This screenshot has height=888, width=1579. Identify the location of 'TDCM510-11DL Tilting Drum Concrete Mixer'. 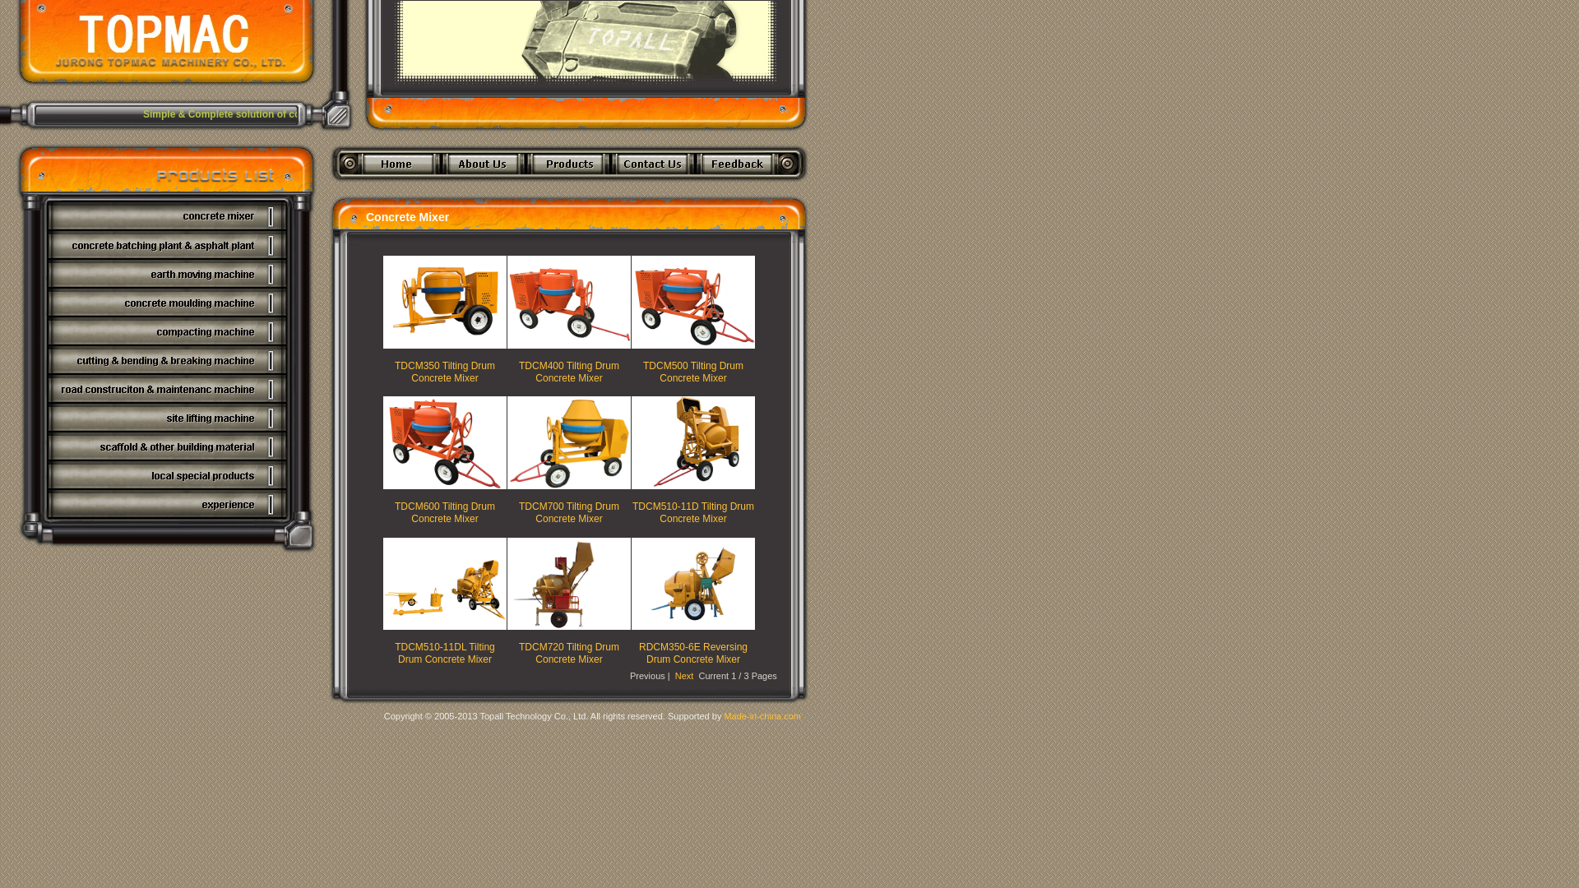
(445, 652).